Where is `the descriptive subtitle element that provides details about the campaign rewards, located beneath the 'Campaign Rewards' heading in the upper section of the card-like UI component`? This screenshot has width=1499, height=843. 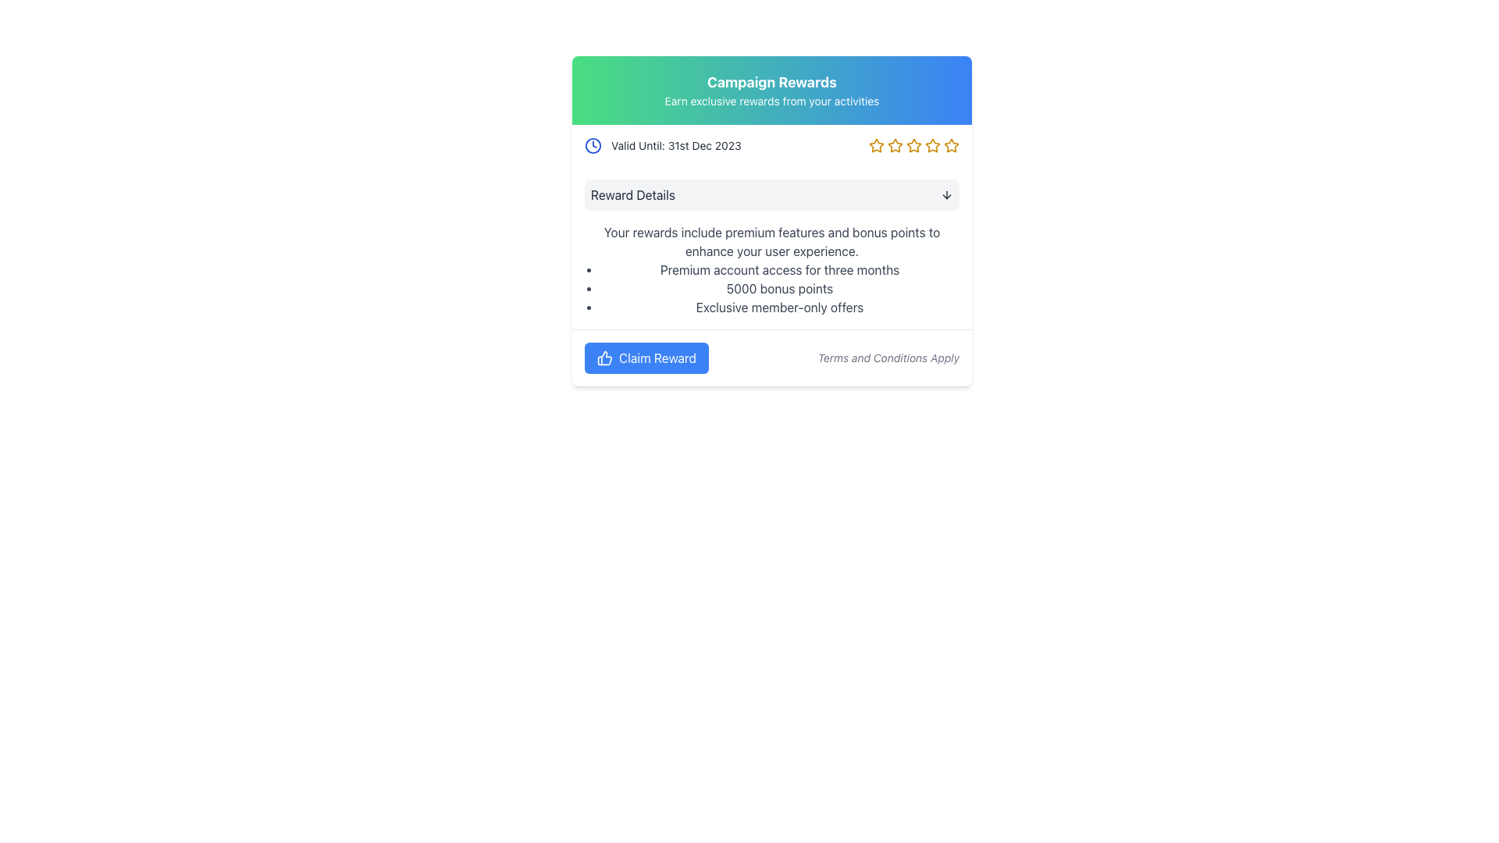
the descriptive subtitle element that provides details about the campaign rewards, located beneath the 'Campaign Rewards' heading in the upper section of the card-like UI component is located at coordinates (771, 101).